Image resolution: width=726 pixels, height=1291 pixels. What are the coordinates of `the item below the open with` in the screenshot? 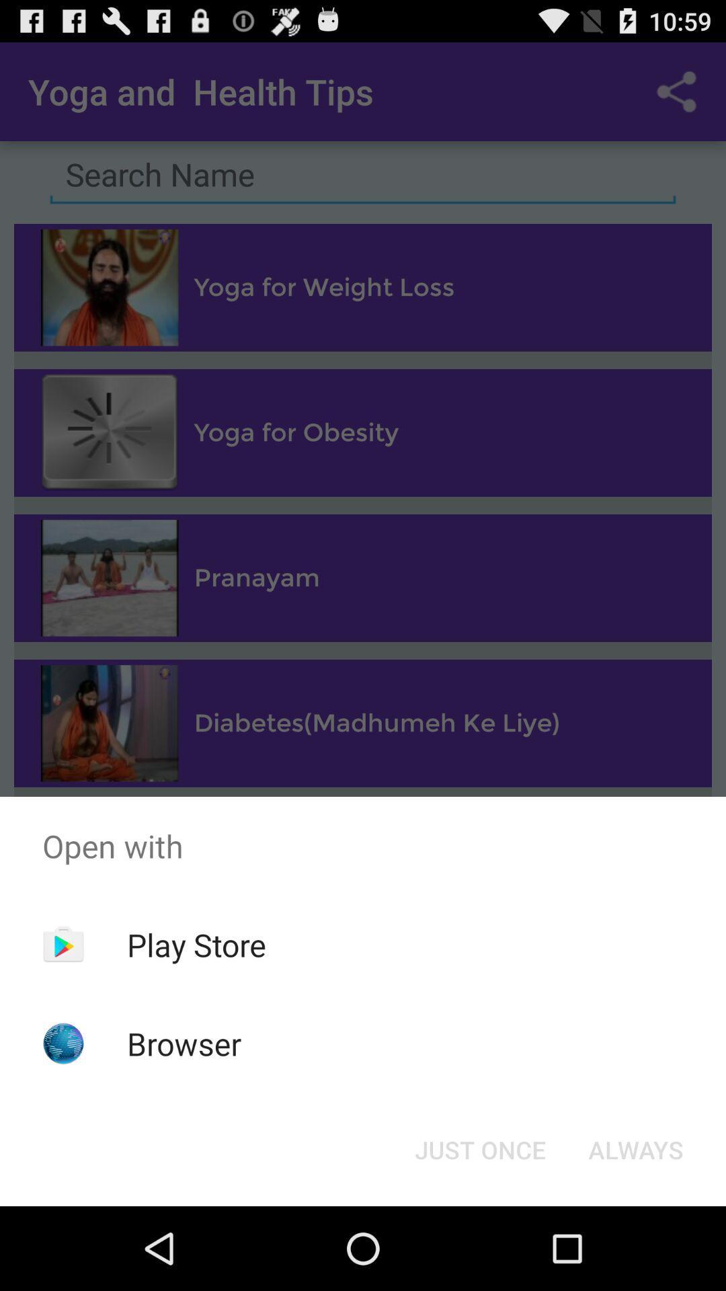 It's located at (479, 1148).